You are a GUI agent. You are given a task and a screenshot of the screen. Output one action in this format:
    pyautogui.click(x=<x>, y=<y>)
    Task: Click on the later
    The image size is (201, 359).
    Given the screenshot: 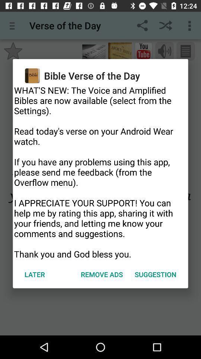 What is the action you would take?
    pyautogui.click(x=34, y=274)
    